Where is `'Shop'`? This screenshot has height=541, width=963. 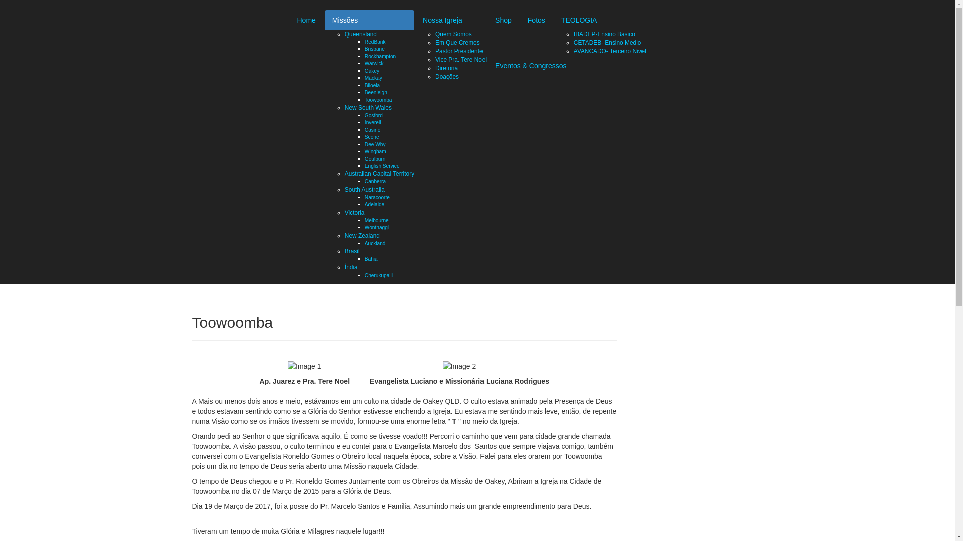 'Shop' is located at coordinates (503, 20).